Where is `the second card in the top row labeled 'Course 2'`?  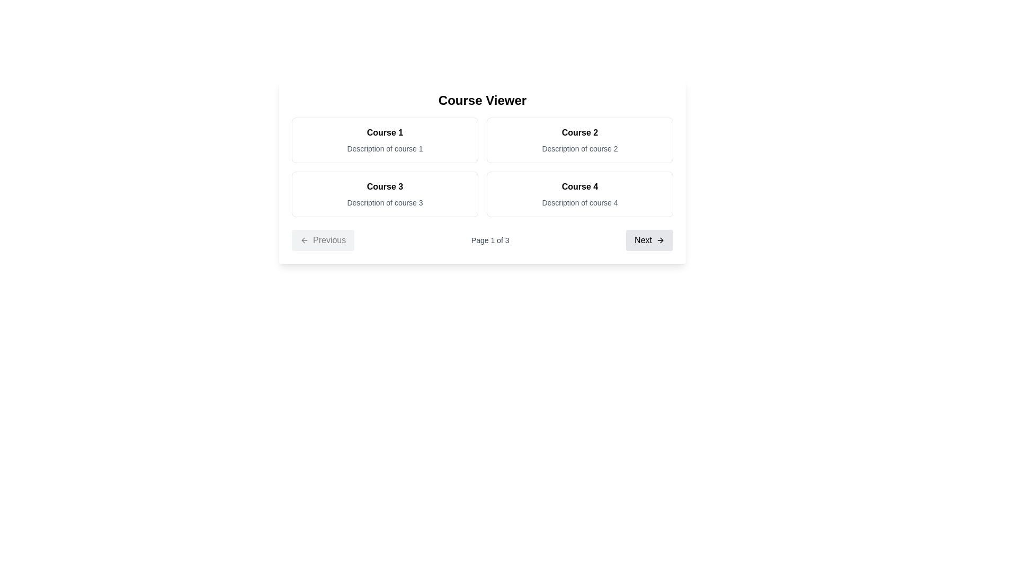
the second card in the top row labeled 'Course 2' is located at coordinates (579, 140).